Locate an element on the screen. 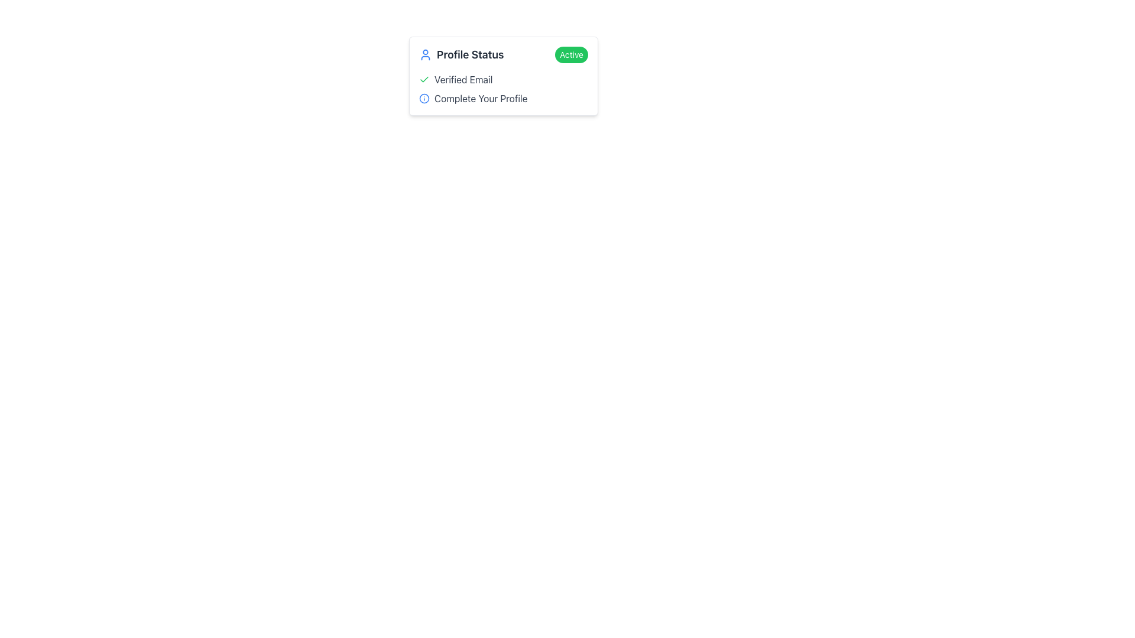 Image resolution: width=1135 pixels, height=638 pixels. the text label indicating the user's profile status, which is located to the right of the user icon and aligns vertically centered with it is located at coordinates (469, 54).